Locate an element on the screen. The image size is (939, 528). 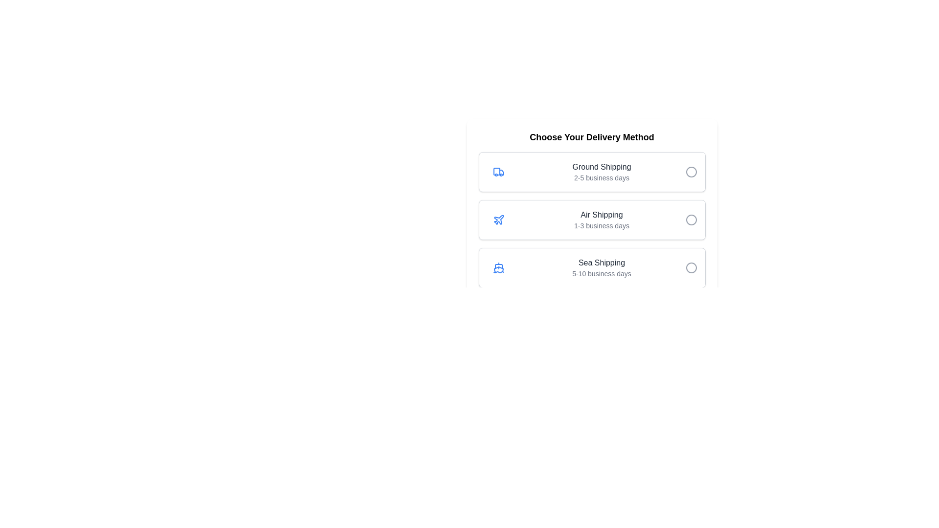
the text label that informs users about the expected delivery time for the 'Air Shipping' option, located under the 'Air Shipping' label is located at coordinates (601, 226).